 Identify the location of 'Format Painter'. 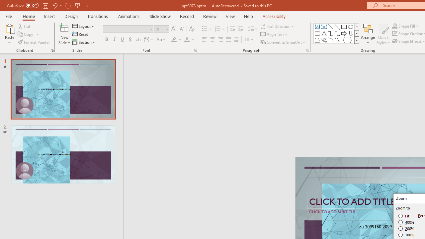
(34, 42).